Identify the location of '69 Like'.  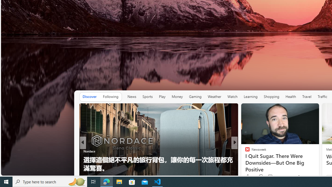
(248, 177).